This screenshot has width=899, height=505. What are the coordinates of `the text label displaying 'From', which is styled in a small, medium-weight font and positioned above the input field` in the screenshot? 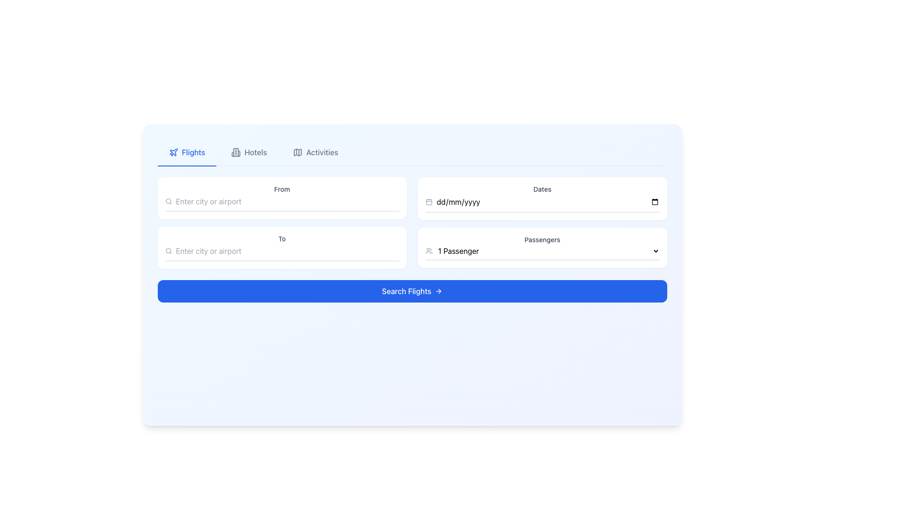 It's located at (281, 189).